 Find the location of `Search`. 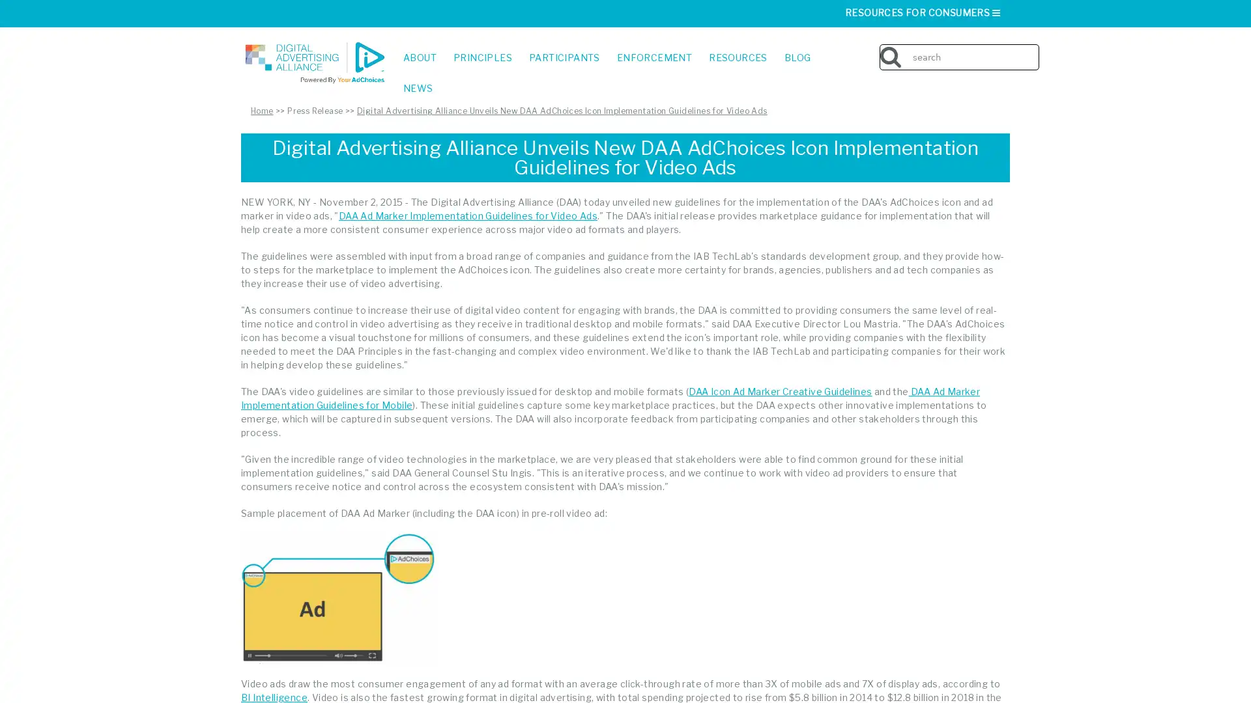

Search is located at coordinates (1035, 47).